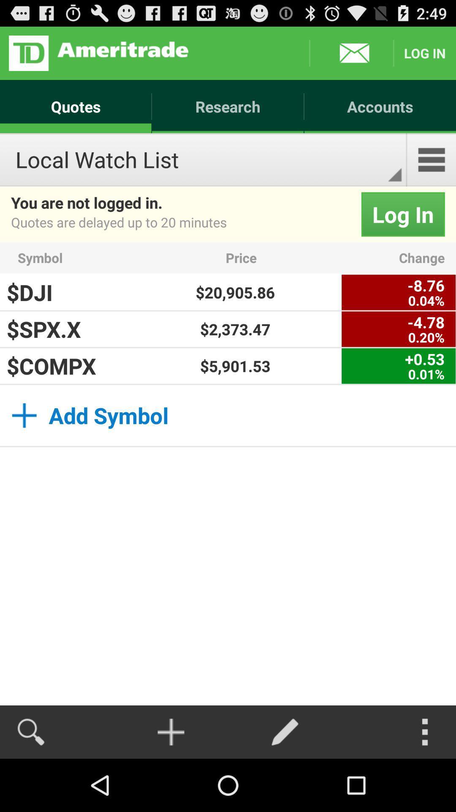  I want to click on the menu icon, so click(432, 170).